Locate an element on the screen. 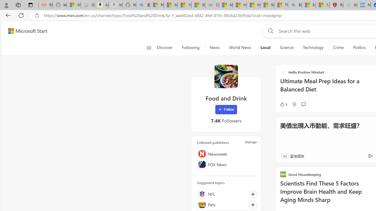  'Science - MSN' is located at coordinates (308, 5).